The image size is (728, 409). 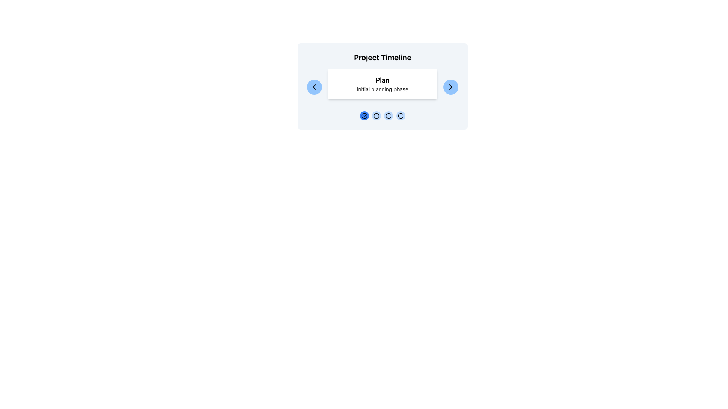 What do you see at coordinates (314, 87) in the screenshot?
I see `the chevron icon inside the blue circular button on the far left side of the 'Project Timeline' section` at bounding box center [314, 87].